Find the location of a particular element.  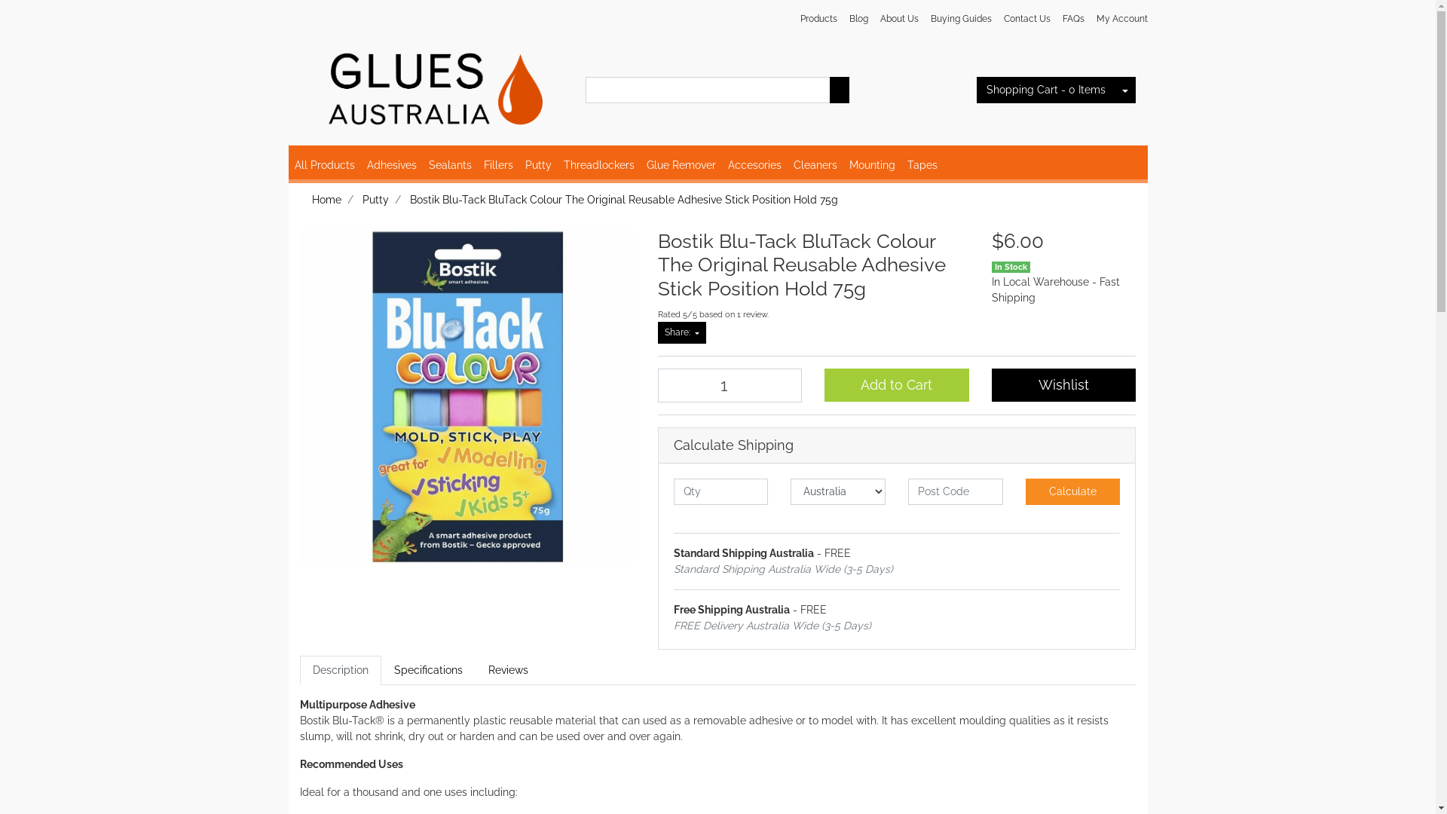

'Fillers' is located at coordinates (498, 165).